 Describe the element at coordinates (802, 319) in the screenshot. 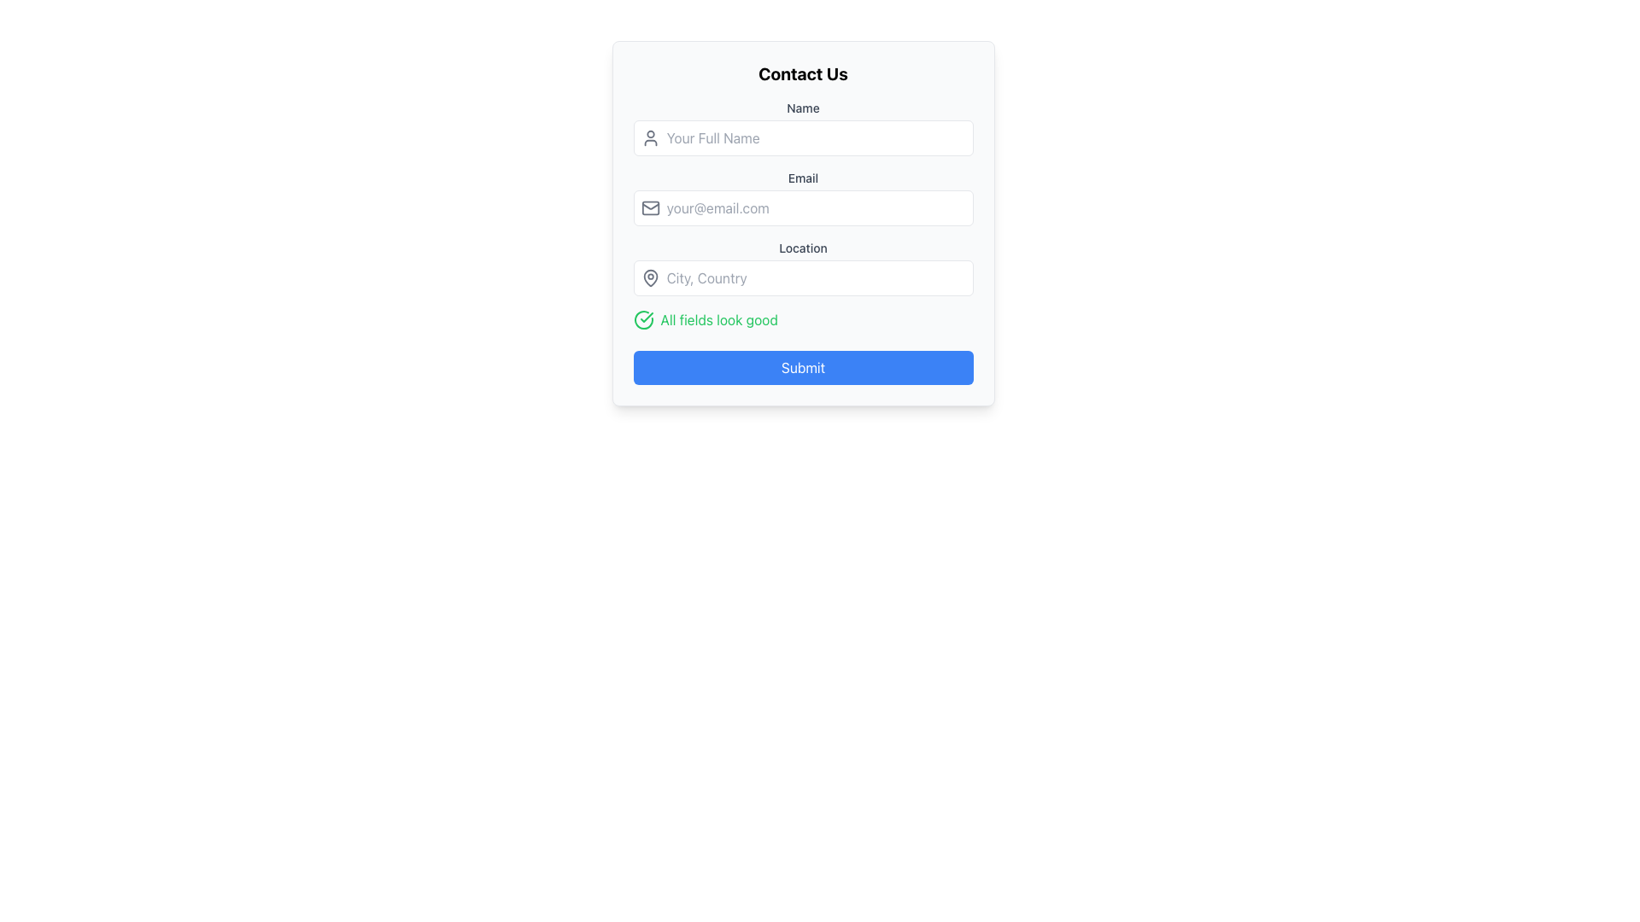

I see `the Status indicator with a message that indicates successful validation of input fields, located above the 'Submit' button and below the 'Location' field` at that location.